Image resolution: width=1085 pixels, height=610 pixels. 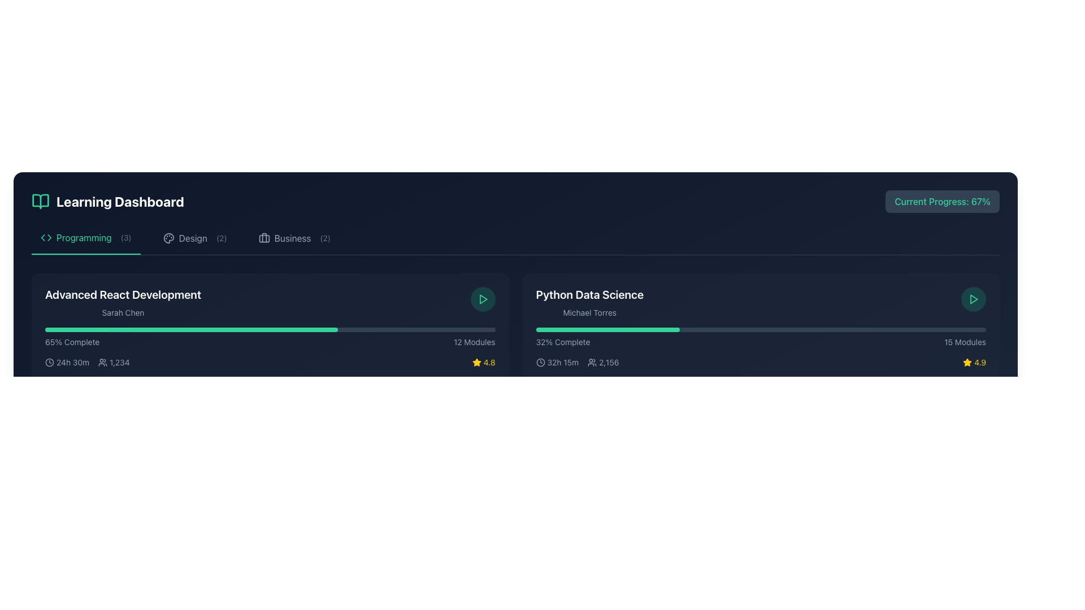 What do you see at coordinates (761, 329) in the screenshot?
I see `the rectangular progress bar with a dark gray background and a green filled portion, located in the 'Python Data Science' section, above the indicators '32% Complete' and '15 Modules.'` at bounding box center [761, 329].